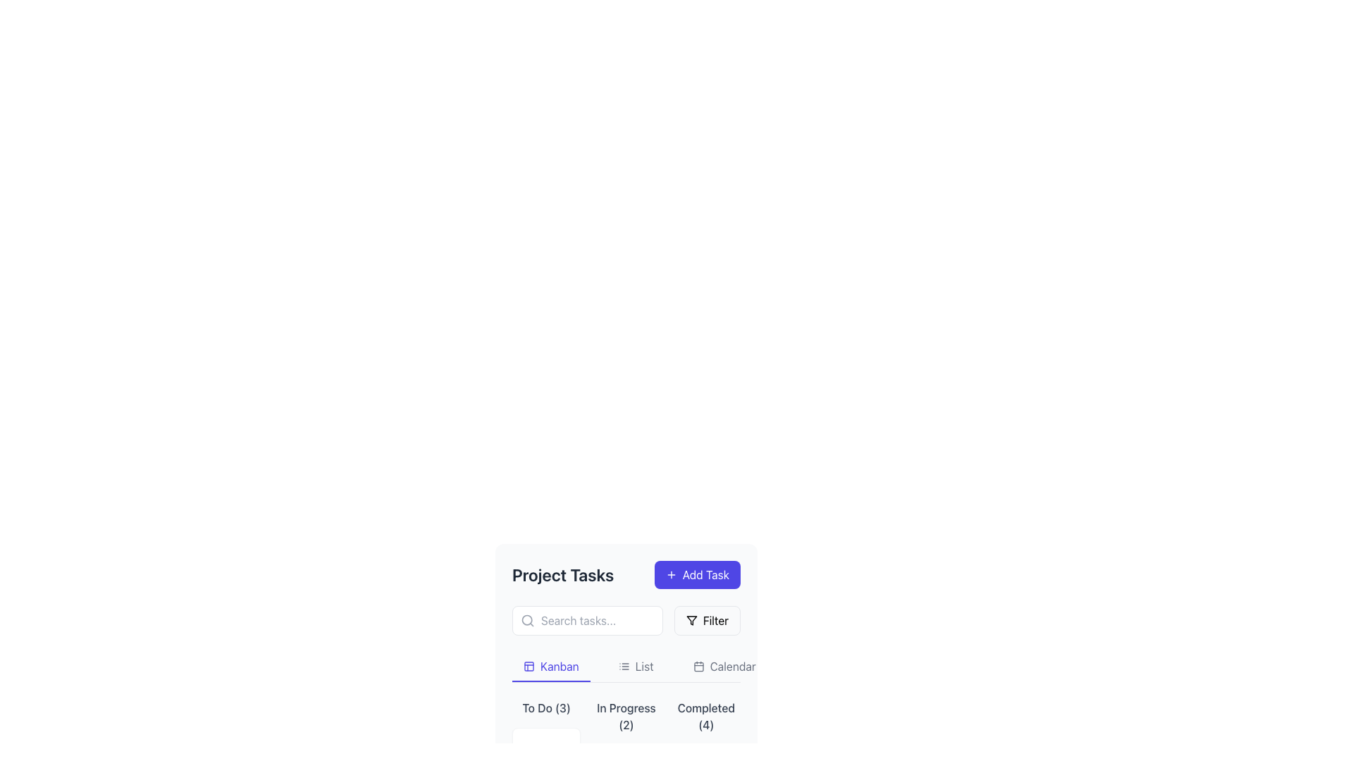  Describe the element at coordinates (697, 575) in the screenshot. I see `the 'Add Task' button` at that location.